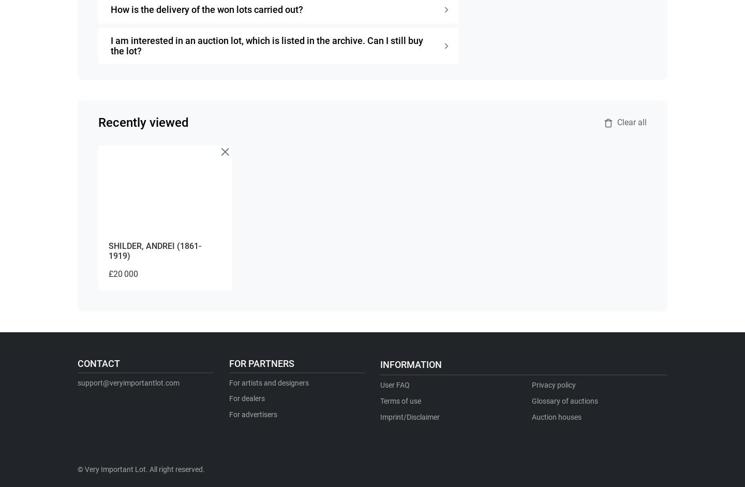  Describe the element at coordinates (246, 399) in the screenshot. I see `'For dealers'` at that location.